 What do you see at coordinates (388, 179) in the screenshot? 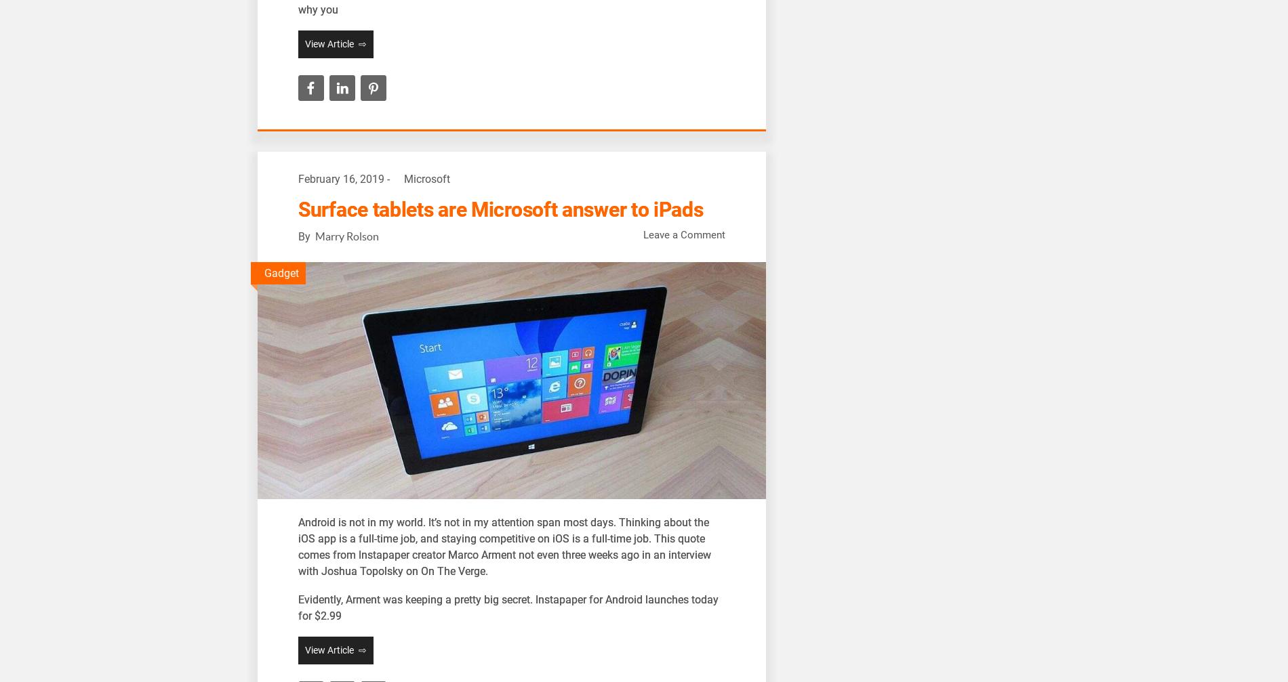
I see `'-'` at bounding box center [388, 179].